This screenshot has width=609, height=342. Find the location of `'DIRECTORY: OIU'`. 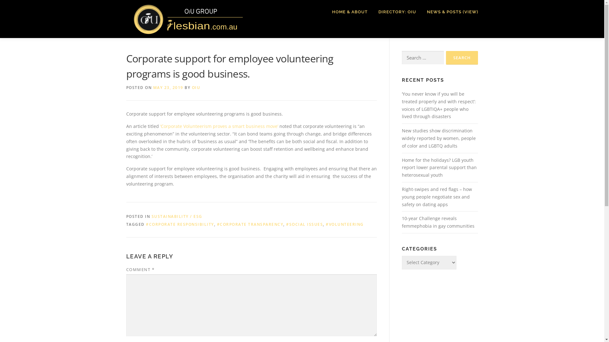

'DIRECTORY: OIU' is located at coordinates (373, 12).